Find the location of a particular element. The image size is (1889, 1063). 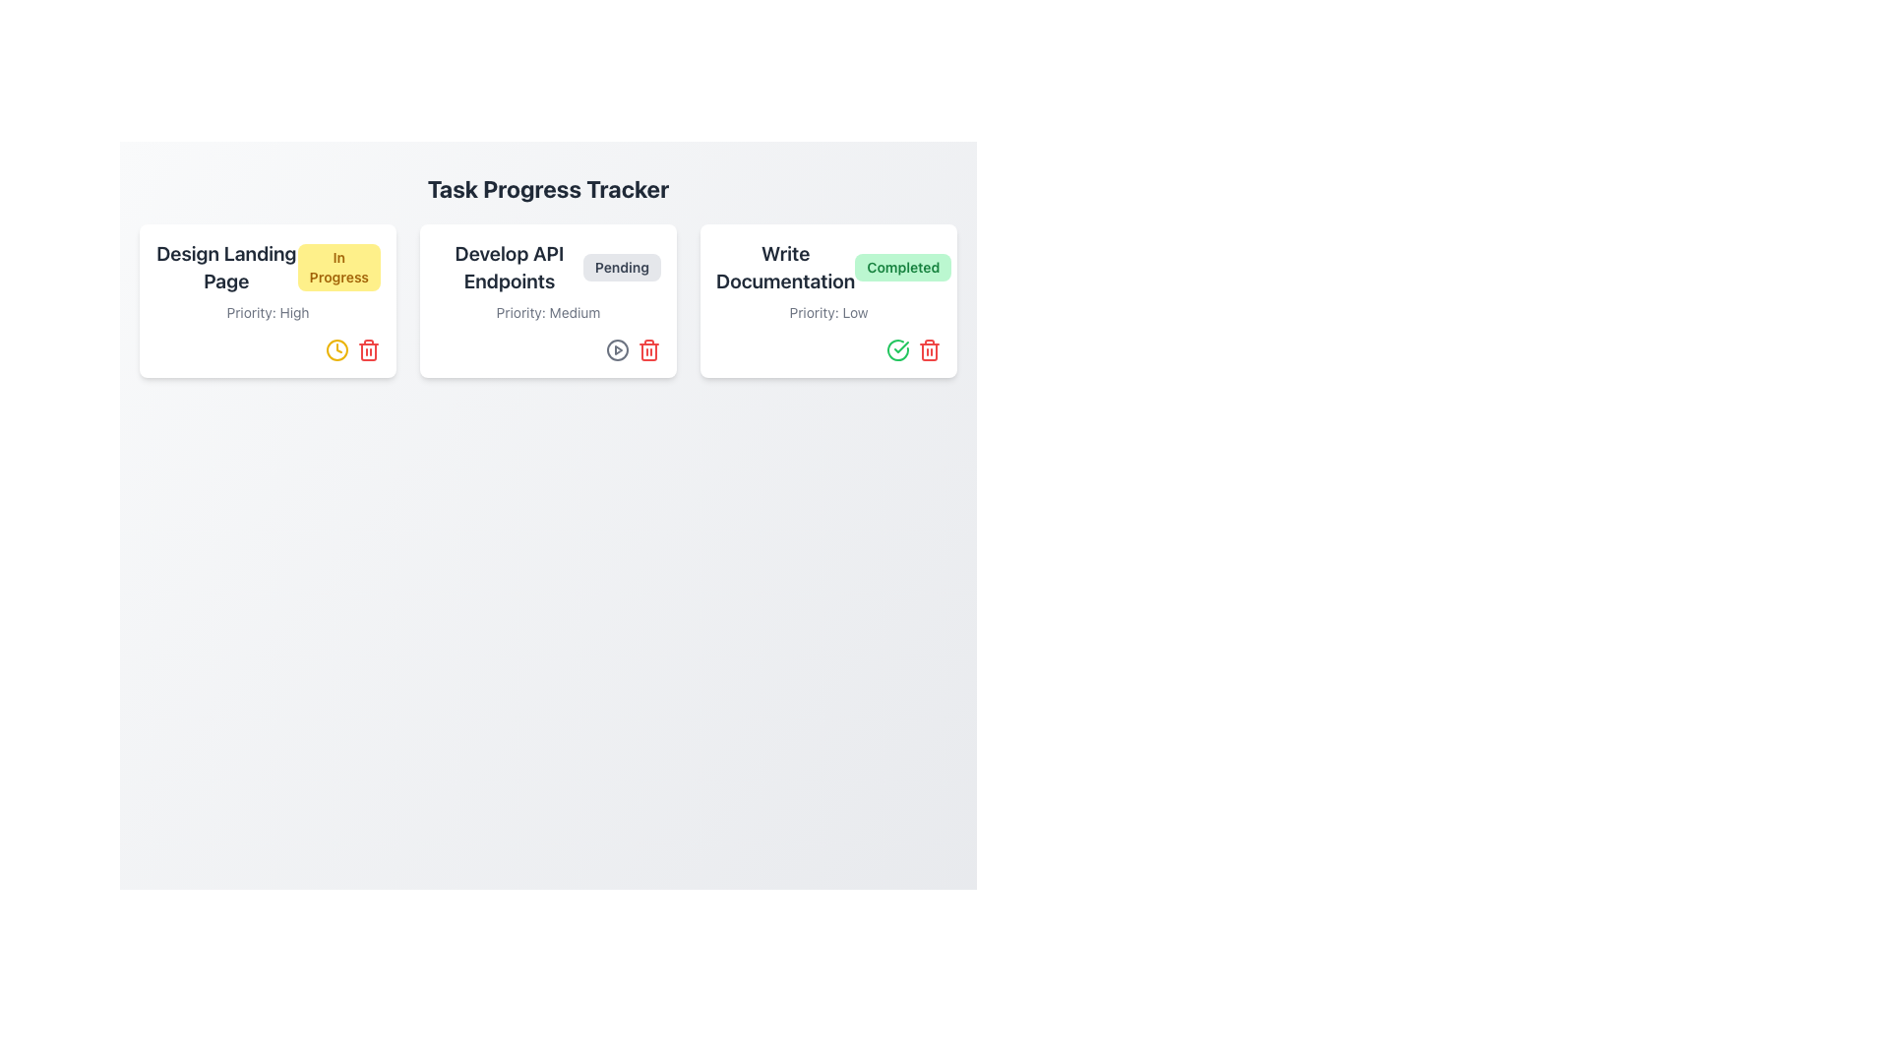

the text 'Write Documentation' displayed in bold at the top-central part of the third task card is located at coordinates (784, 268).